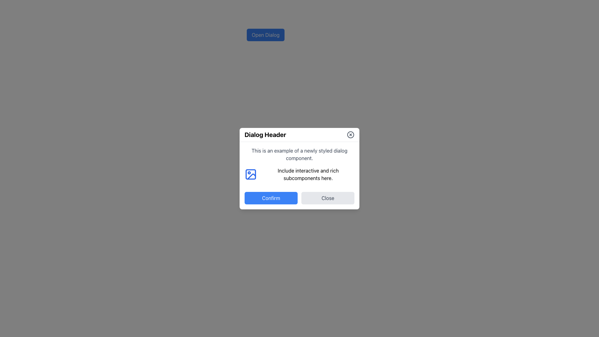 Image resolution: width=599 pixels, height=337 pixels. What do you see at coordinates (328, 198) in the screenshot?
I see `the 'Close' button located in the bottom-right corner of the dialog box` at bounding box center [328, 198].